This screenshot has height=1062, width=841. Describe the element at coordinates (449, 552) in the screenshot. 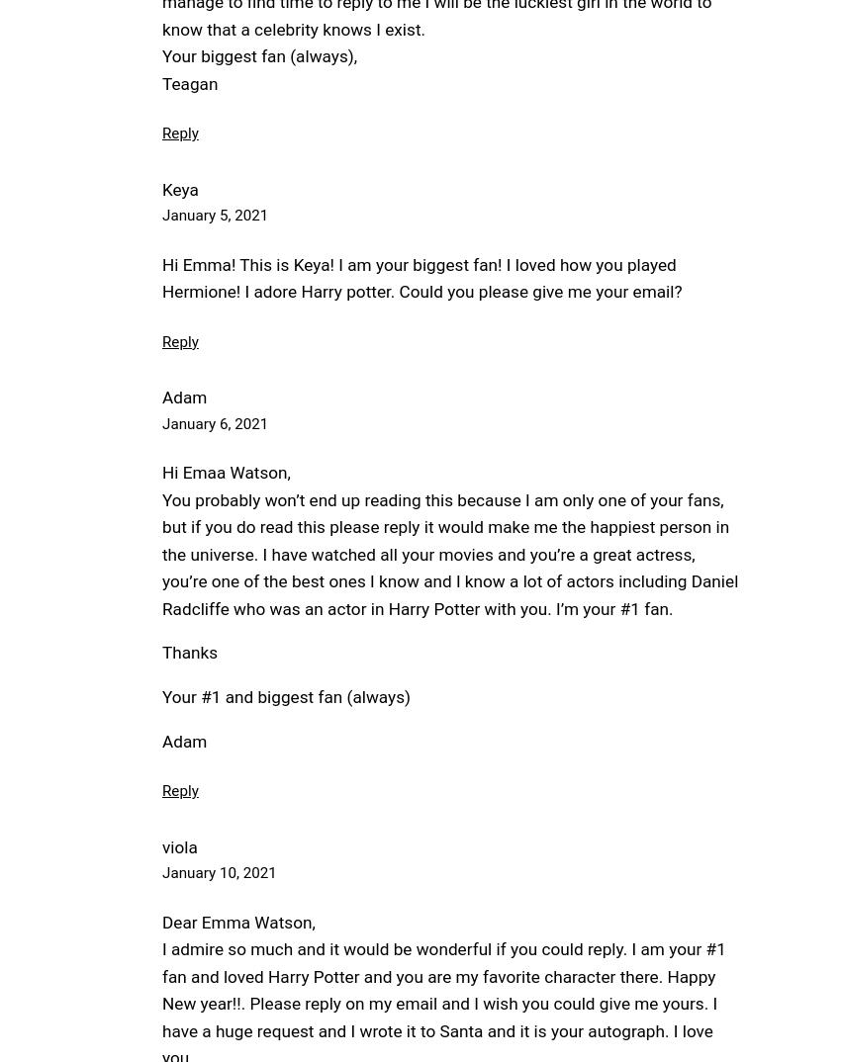

I see `'You probably won’t end up reading this because I am only one of your fans, but if you do read this please reply it would make me the happiest person in the universe. I have watched all your movies and you’re a great actress, you’re one of the best ones I know and I know a lot of actors including Daniel Radcliffe who was an actor in Harry Potter with you. I’m your #1 fan.'` at that location.